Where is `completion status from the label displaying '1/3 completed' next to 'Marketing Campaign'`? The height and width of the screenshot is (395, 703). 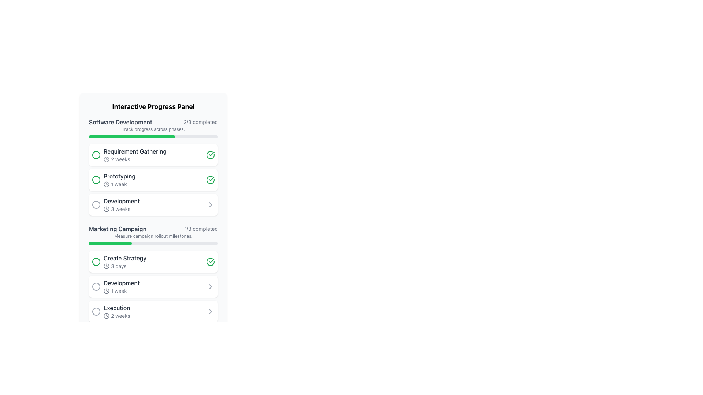
completion status from the label displaying '1/3 completed' next to 'Marketing Campaign' is located at coordinates (201, 228).